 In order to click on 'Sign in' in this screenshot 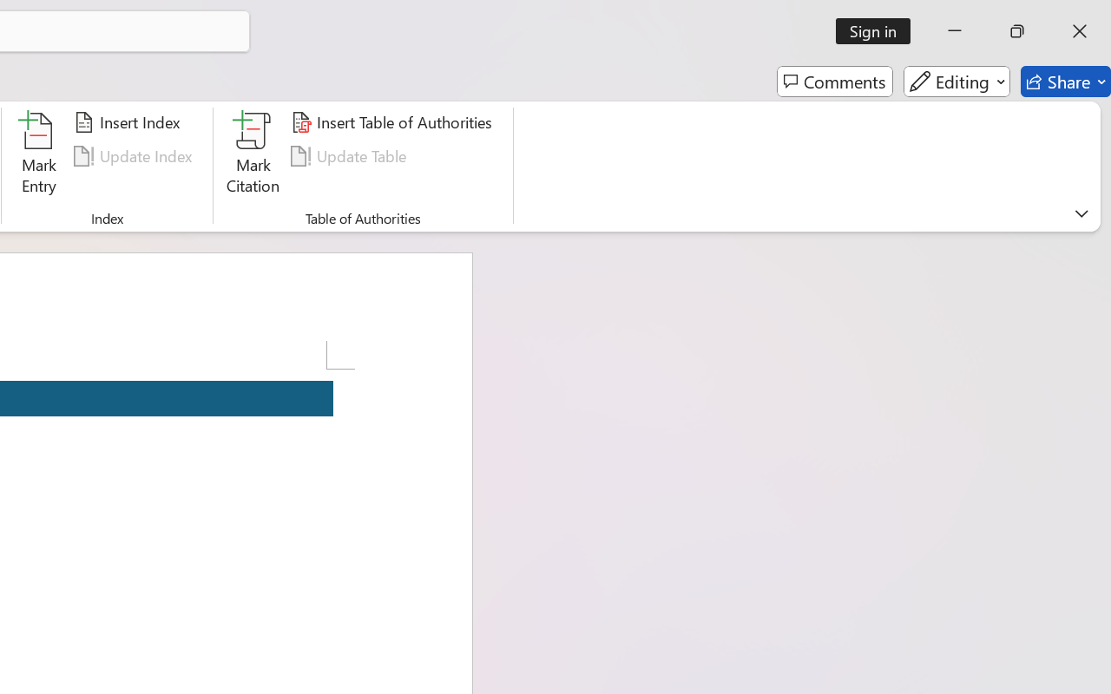, I will do `click(879, 30)`.